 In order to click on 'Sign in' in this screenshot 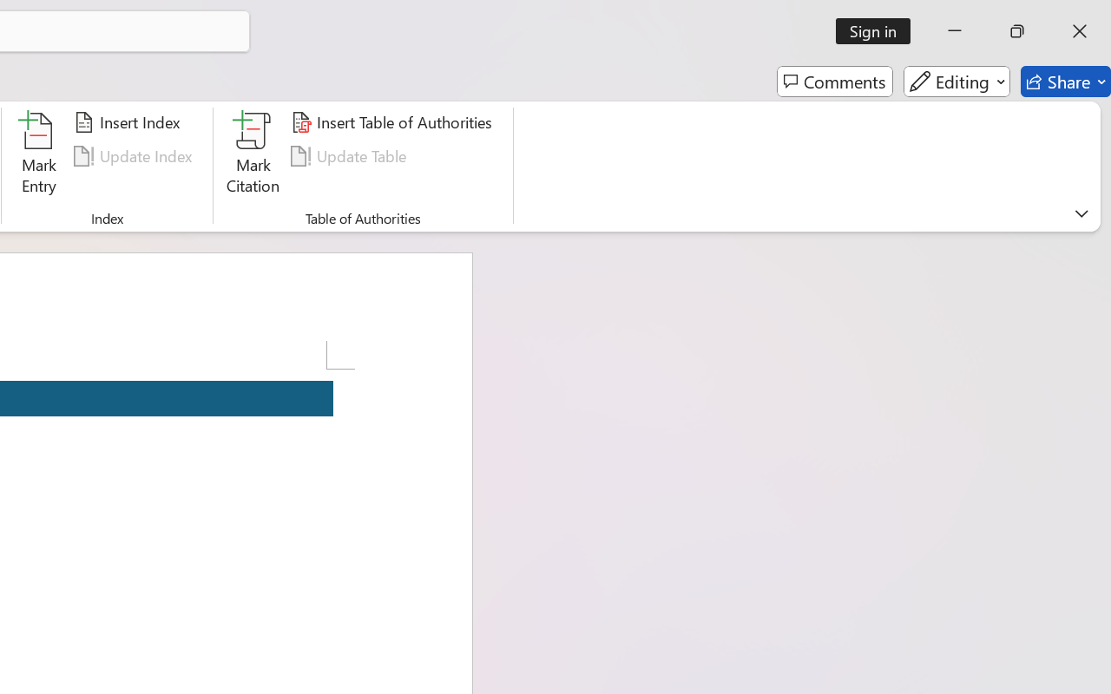, I will do `click(879, 30)`.